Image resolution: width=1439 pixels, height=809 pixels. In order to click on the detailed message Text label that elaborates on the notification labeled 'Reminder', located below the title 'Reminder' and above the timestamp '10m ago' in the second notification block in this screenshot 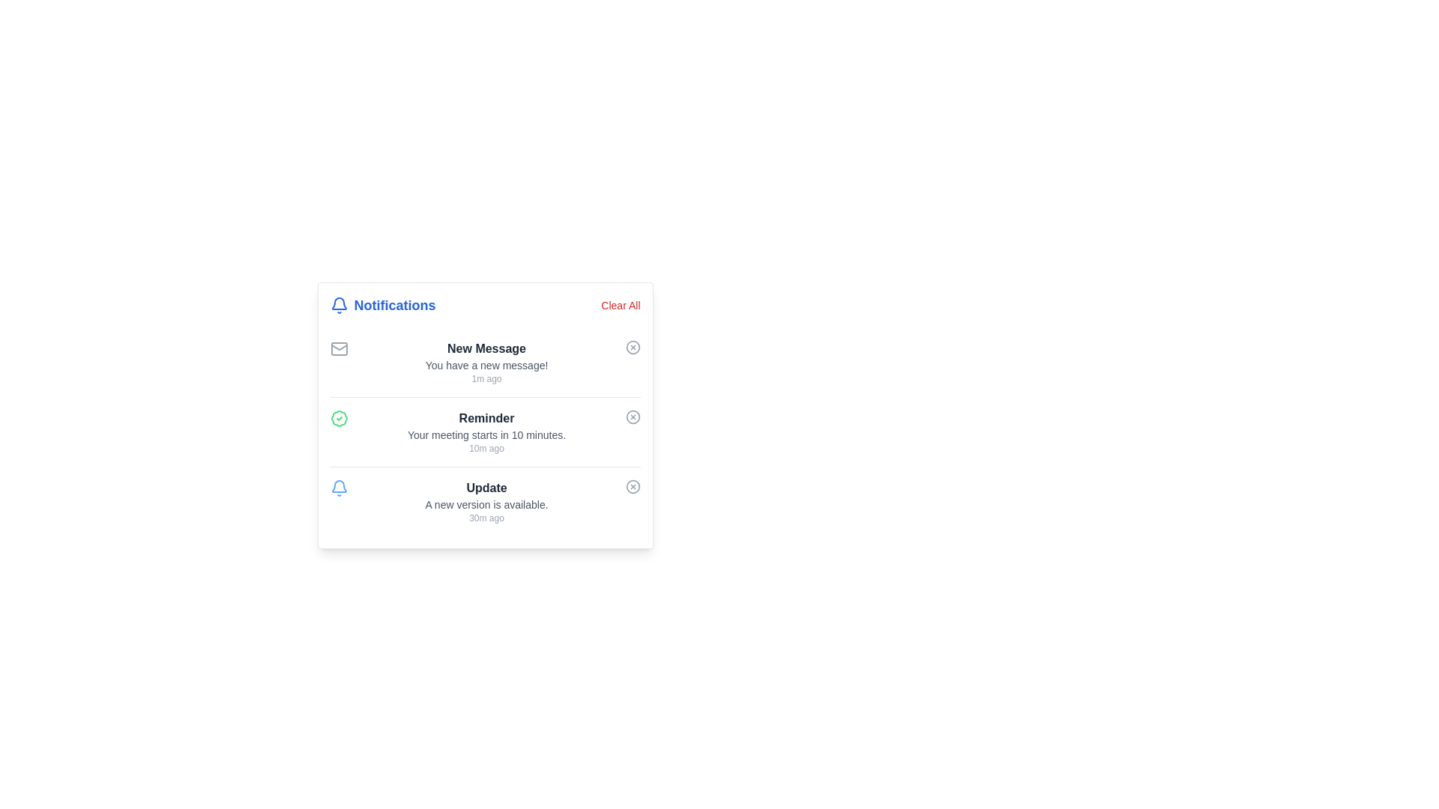, I will do `click(486, 435)`.